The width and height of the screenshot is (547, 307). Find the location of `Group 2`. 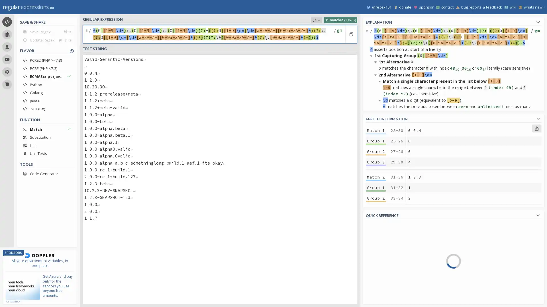

Group 2 is located at coordinates (376, 151).